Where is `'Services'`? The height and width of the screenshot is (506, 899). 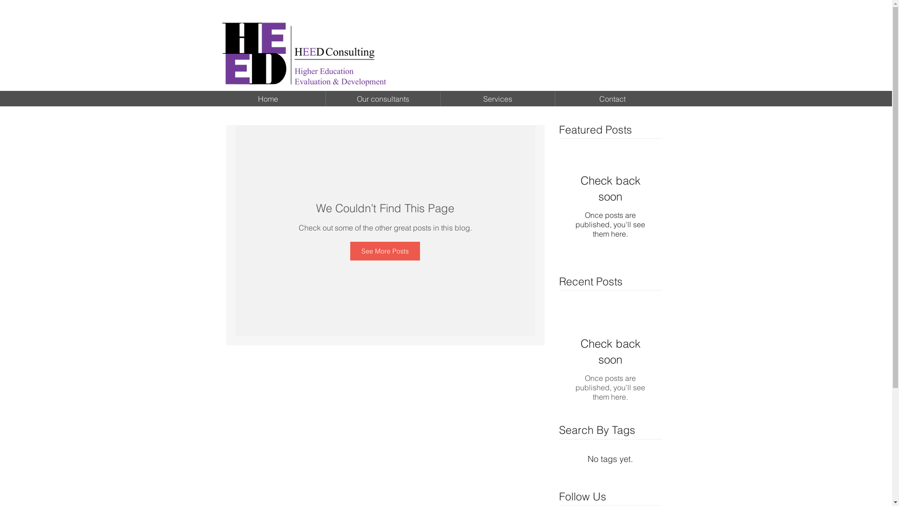
'Services' is located at coordinates (496, 99).